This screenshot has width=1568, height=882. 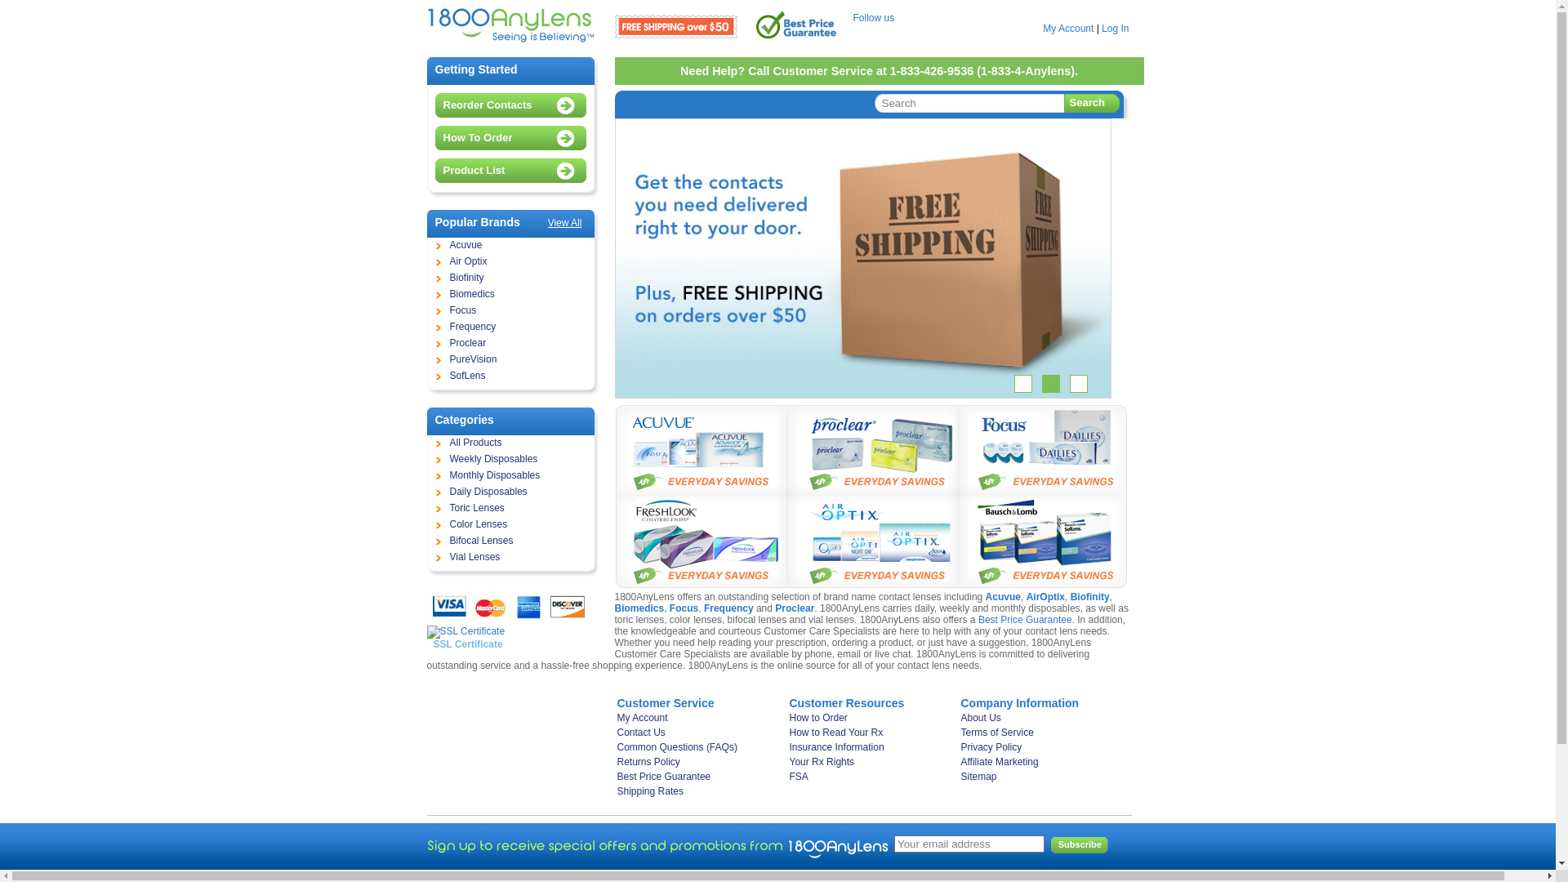 I want to click on 'Toric Lenses', so click(x=427, y=508).